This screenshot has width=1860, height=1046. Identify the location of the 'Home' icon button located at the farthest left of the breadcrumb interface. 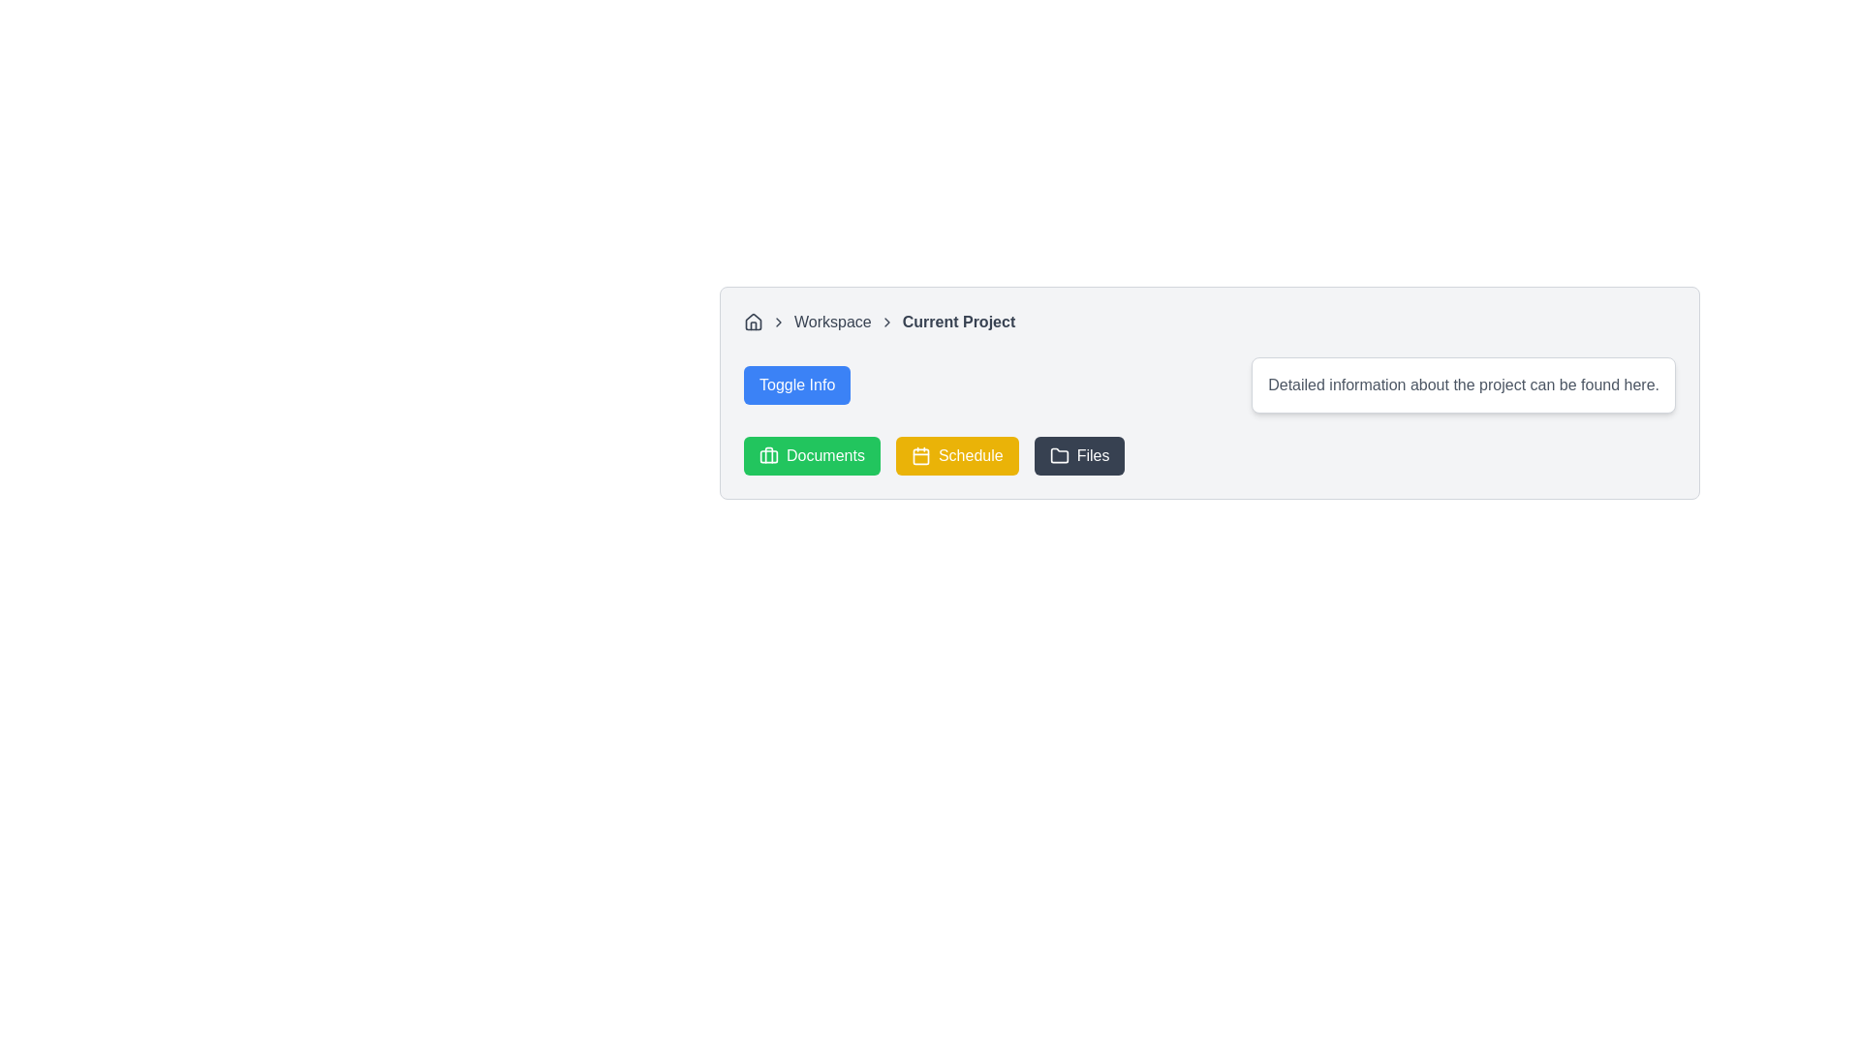
(752, 321).